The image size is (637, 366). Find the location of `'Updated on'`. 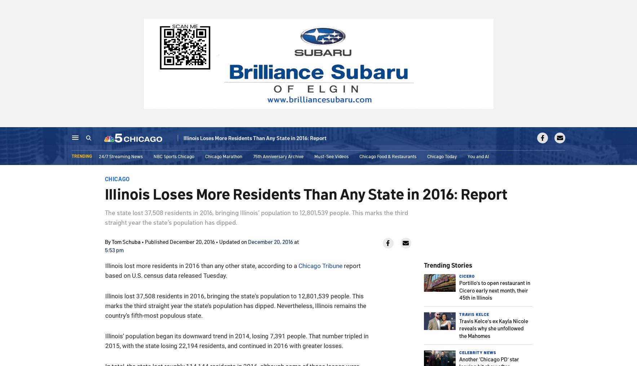

'Updated on' is located at coordinates (233, 241).